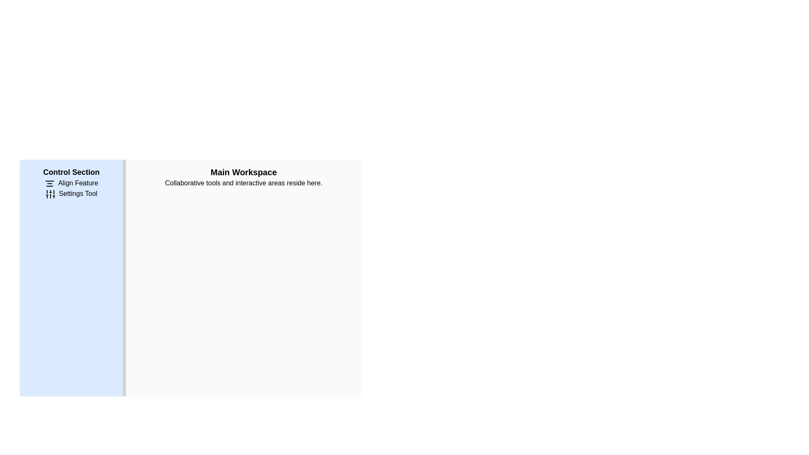 The image size is (809, 455). What do you see at coordinates (49, 183) in the screenshot?
I see `the icon representing the 'Align Feature' section` at bounding box center [49, 183].